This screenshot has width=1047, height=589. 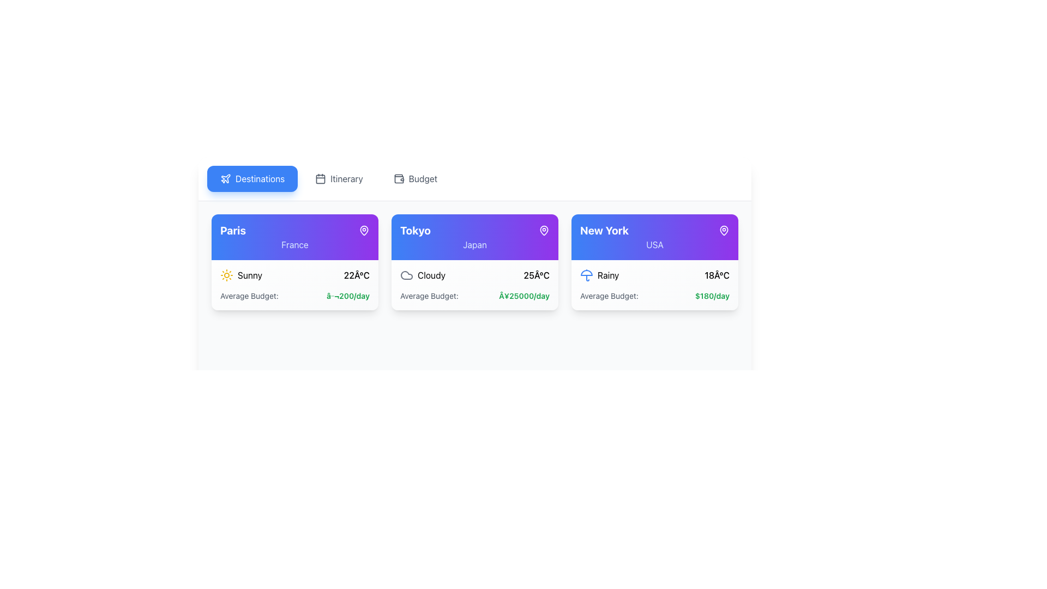 I want to click on the geographical marker icon located at the top-right corner of the 'Tokyo' card, next to the text 'Japan', so click(x=544, y=230).